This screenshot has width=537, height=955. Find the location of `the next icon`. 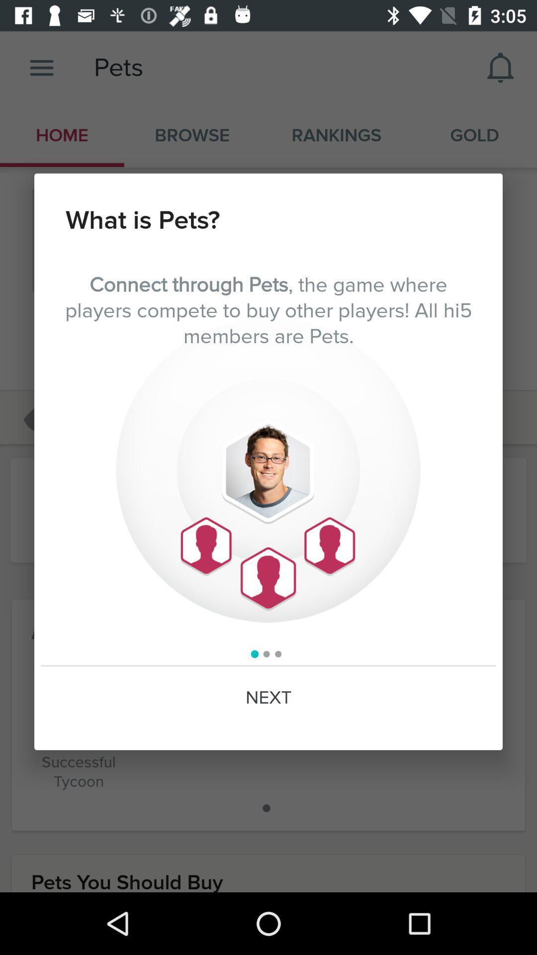

the next icon is located at coordinates (268, 697).